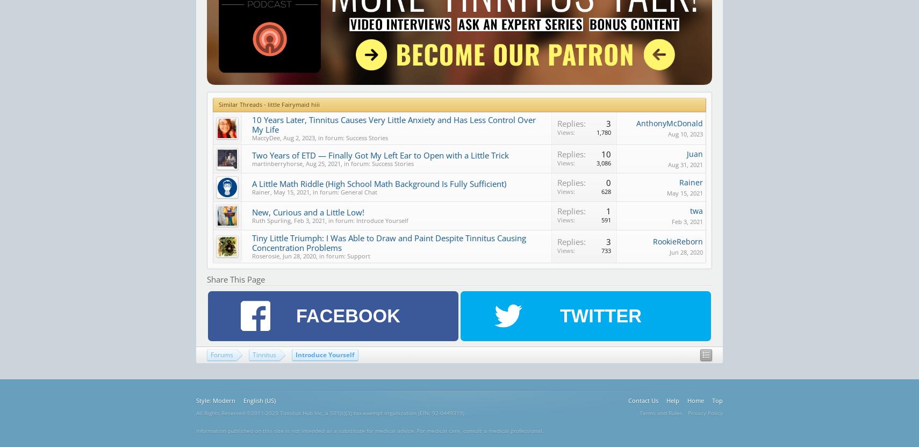 This screenshot has width=919, height=447. Describe the element at coordinates (608, 183) in the screenshot. I see `'0'` at that location.